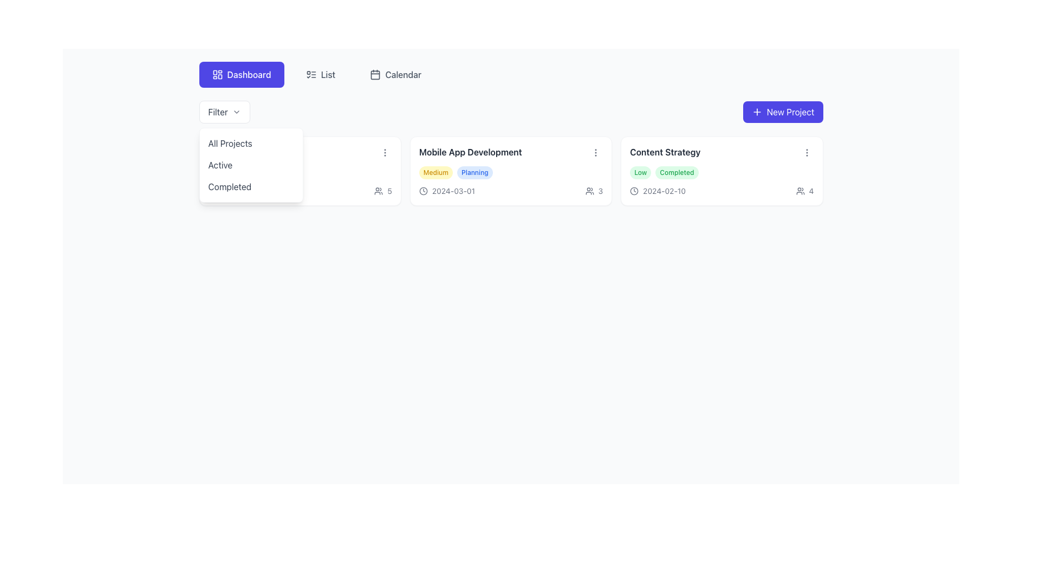  I want to click on the text label within the purple button that describes the button's purpose to navigate to the dashboard section of the application, so click(249, 74).